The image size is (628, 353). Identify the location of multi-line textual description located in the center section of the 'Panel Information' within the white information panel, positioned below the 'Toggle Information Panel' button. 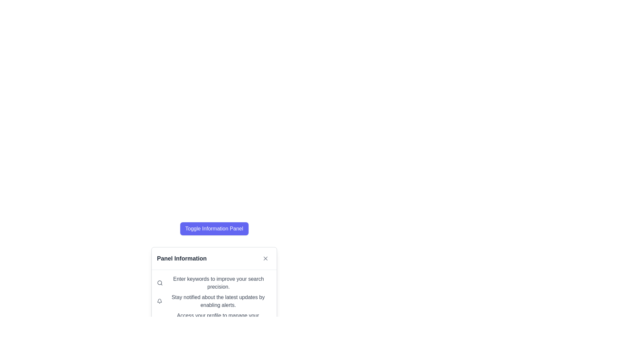
(214, 301).